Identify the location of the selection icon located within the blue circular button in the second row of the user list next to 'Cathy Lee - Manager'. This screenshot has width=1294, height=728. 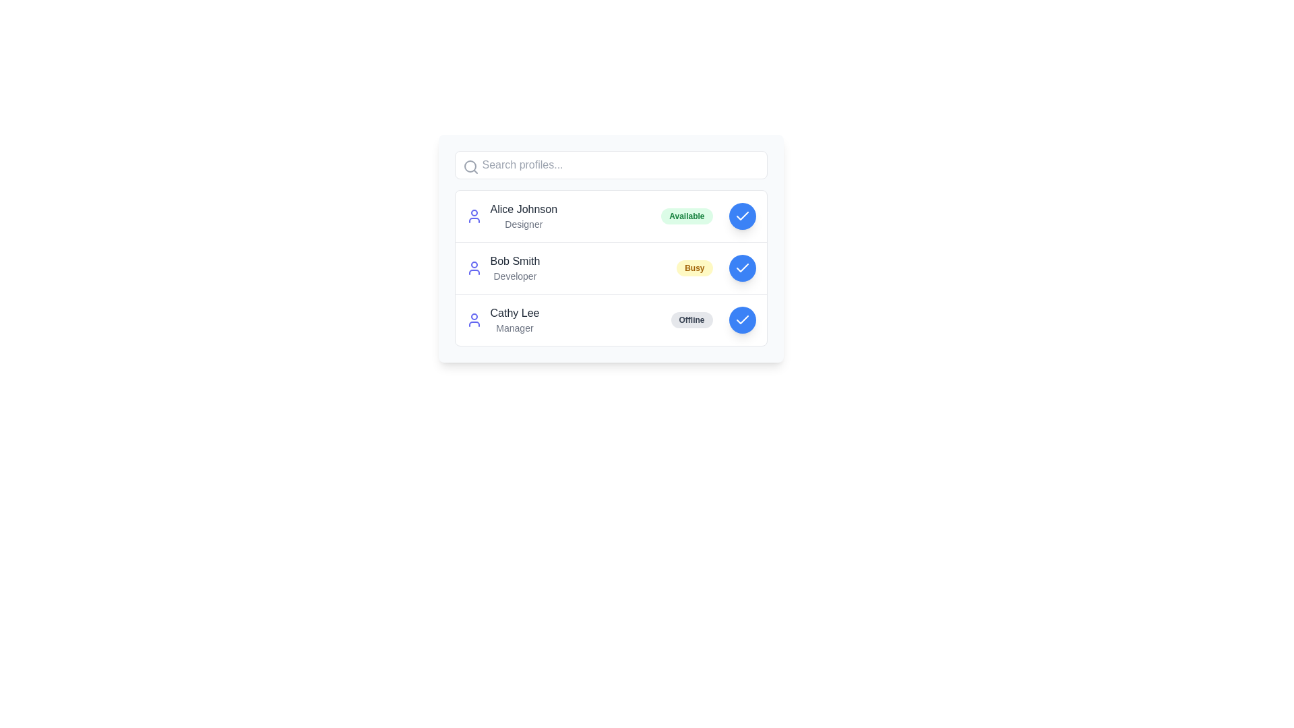
(741, 320).